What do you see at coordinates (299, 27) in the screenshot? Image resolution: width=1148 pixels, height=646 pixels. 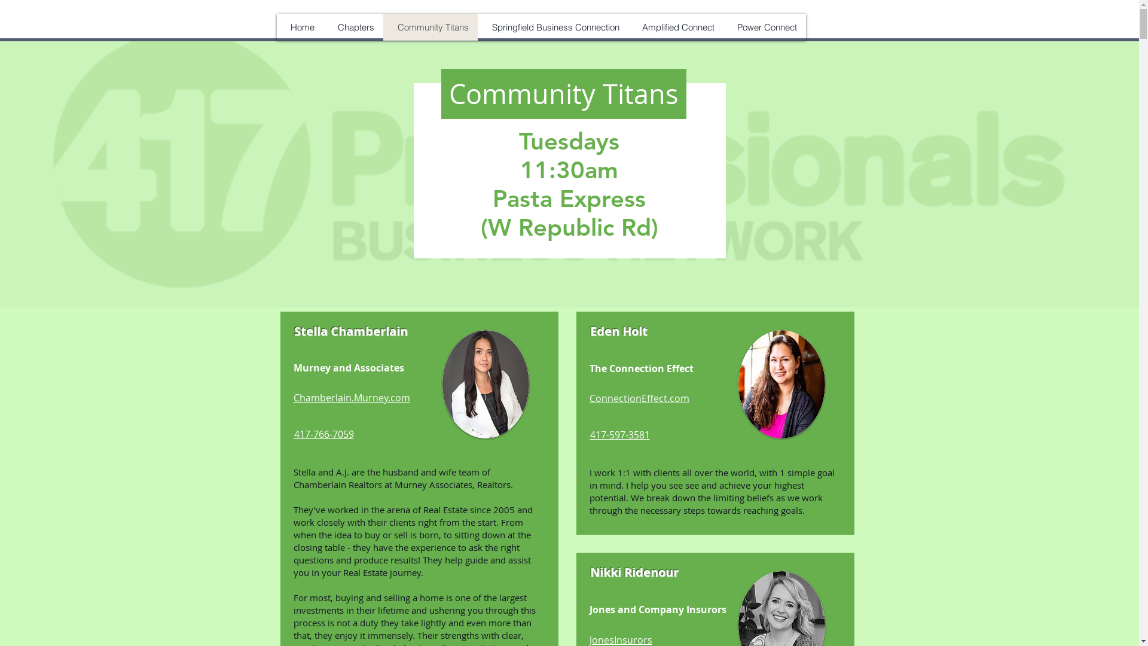 I see `'Home'` at bounding box center [299, 27].